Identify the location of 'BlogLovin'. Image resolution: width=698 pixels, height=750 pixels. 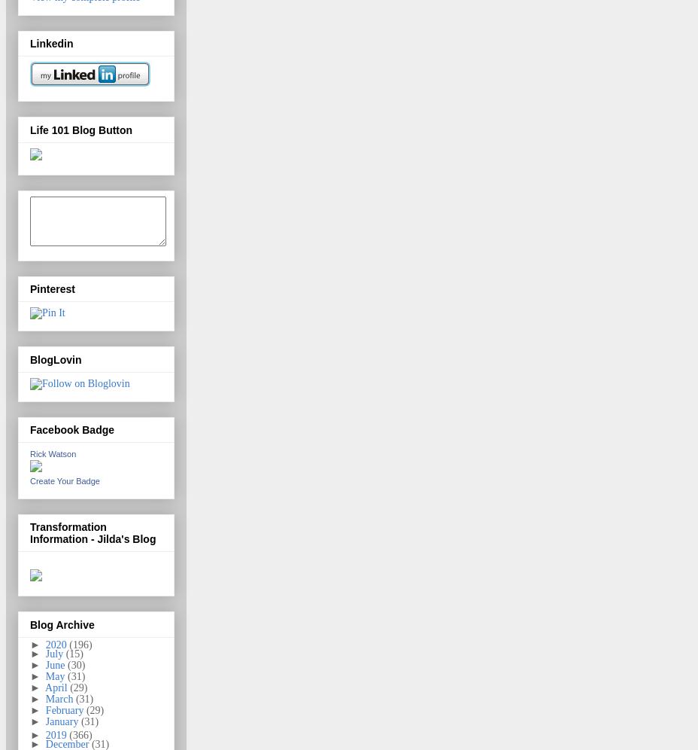
(54, 358).